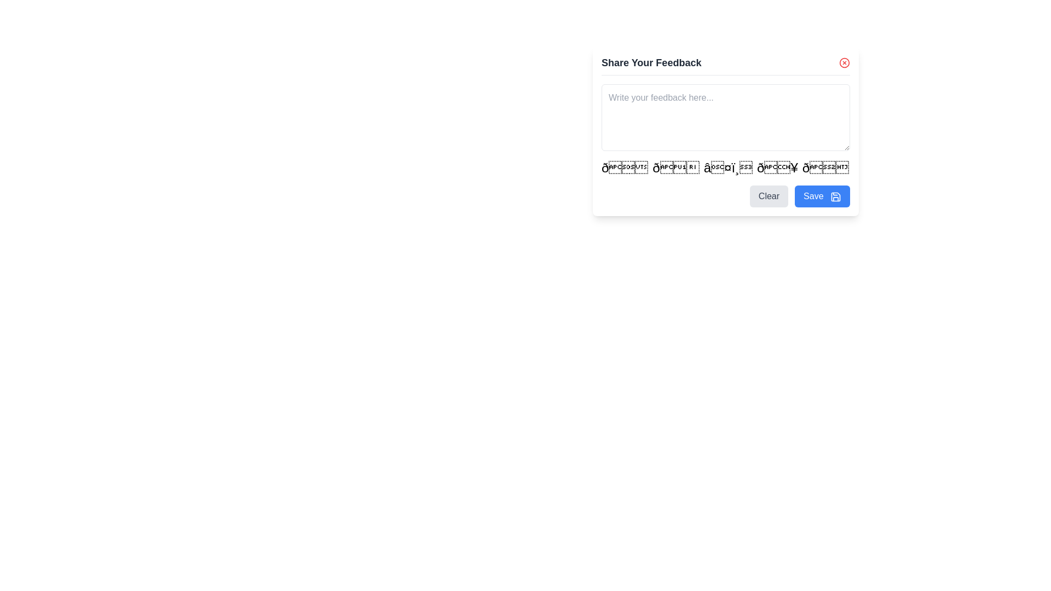  What do you see at coordinates (725, 168) in the screenshot?
I see `the Interactive emoji list by clicking on it to reveal options for emoji selection, as it is positioned below the text input box and above the 'Clear' and 'Save' buttons` at bounding box center [725, 168].